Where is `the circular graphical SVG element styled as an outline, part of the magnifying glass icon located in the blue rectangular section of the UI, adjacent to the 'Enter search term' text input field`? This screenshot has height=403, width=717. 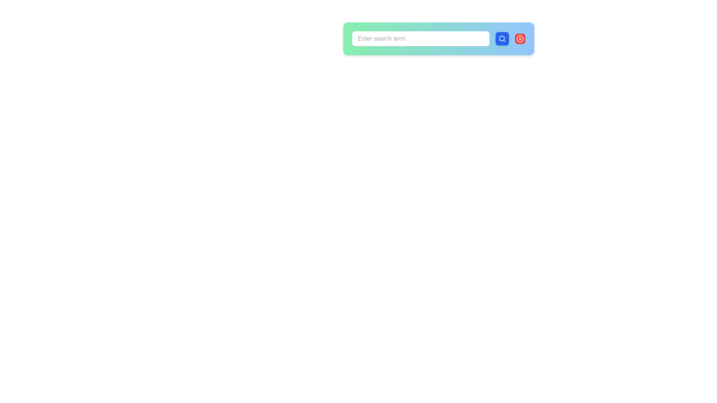
the circular graphical SVG element styled as an outline, part of the magnifying glass icon located in the blue rectangular section of the UI, adjacent to the 'Enter search term' text input field is located at coordinates (502, 38).